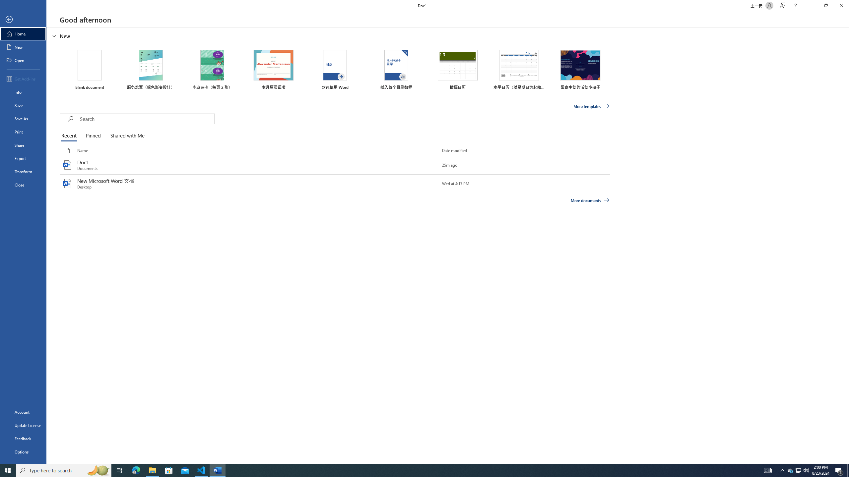 Image resolution: width=849 pixels, height=477 pixels. What do you see at coordinates (810, 5) in the screenshot?
I see `'Minimize'` at bounding box center [810, 5].